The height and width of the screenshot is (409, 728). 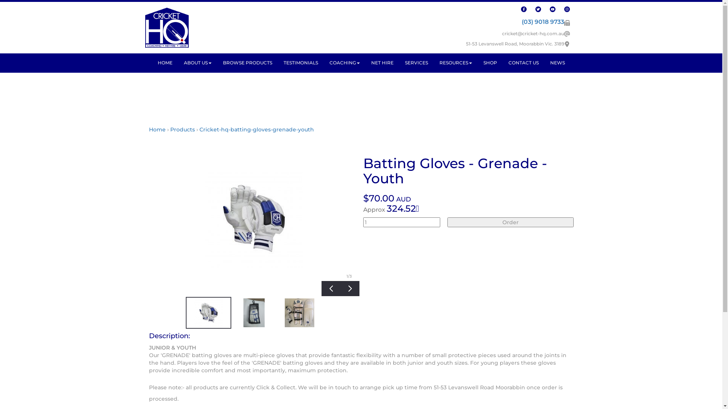 I want to click on 'HOME', so click(x=151, y=62).